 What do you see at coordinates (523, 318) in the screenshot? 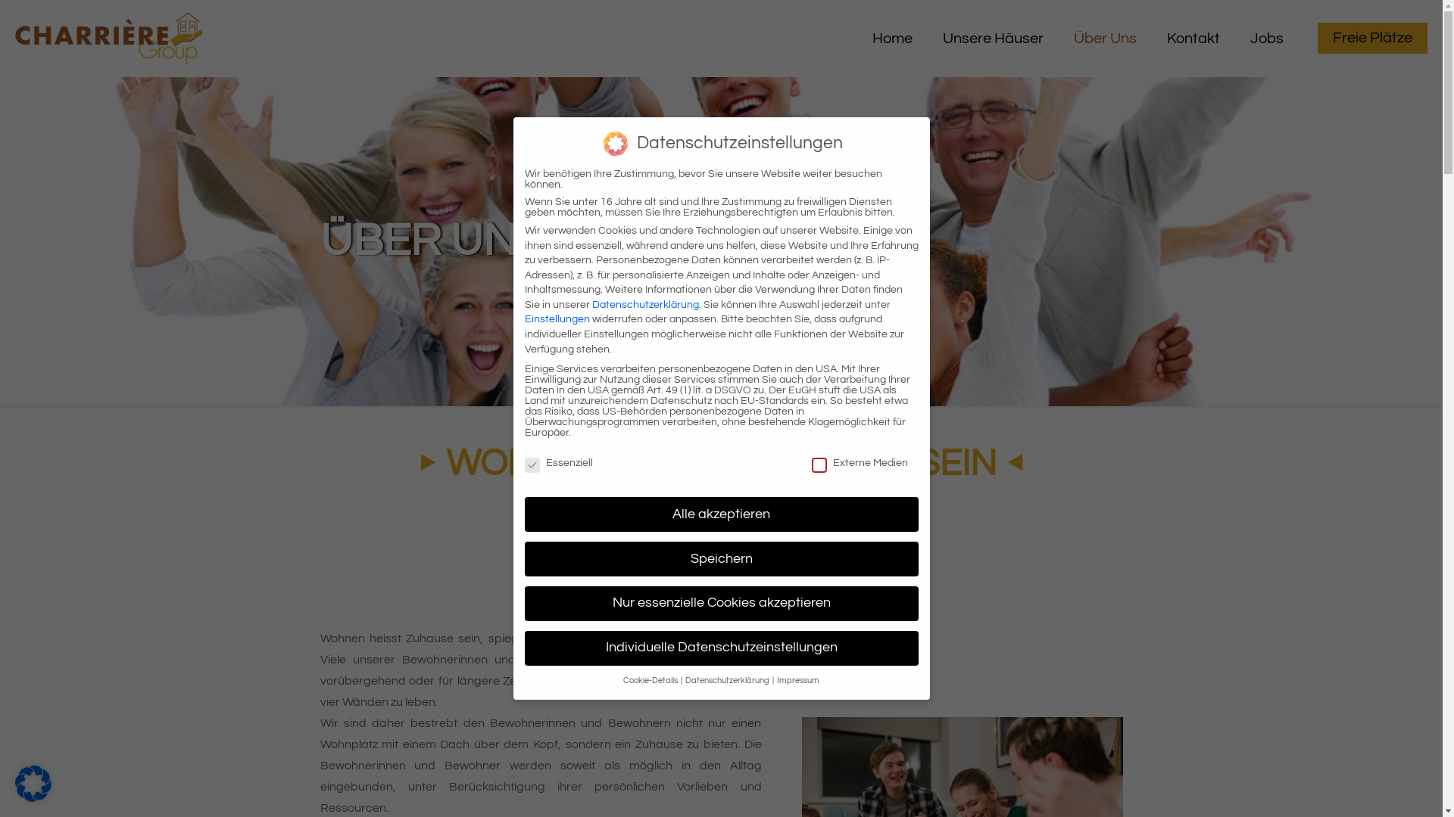
I see `'Einstellungen'` at bounding box center [523, 318].